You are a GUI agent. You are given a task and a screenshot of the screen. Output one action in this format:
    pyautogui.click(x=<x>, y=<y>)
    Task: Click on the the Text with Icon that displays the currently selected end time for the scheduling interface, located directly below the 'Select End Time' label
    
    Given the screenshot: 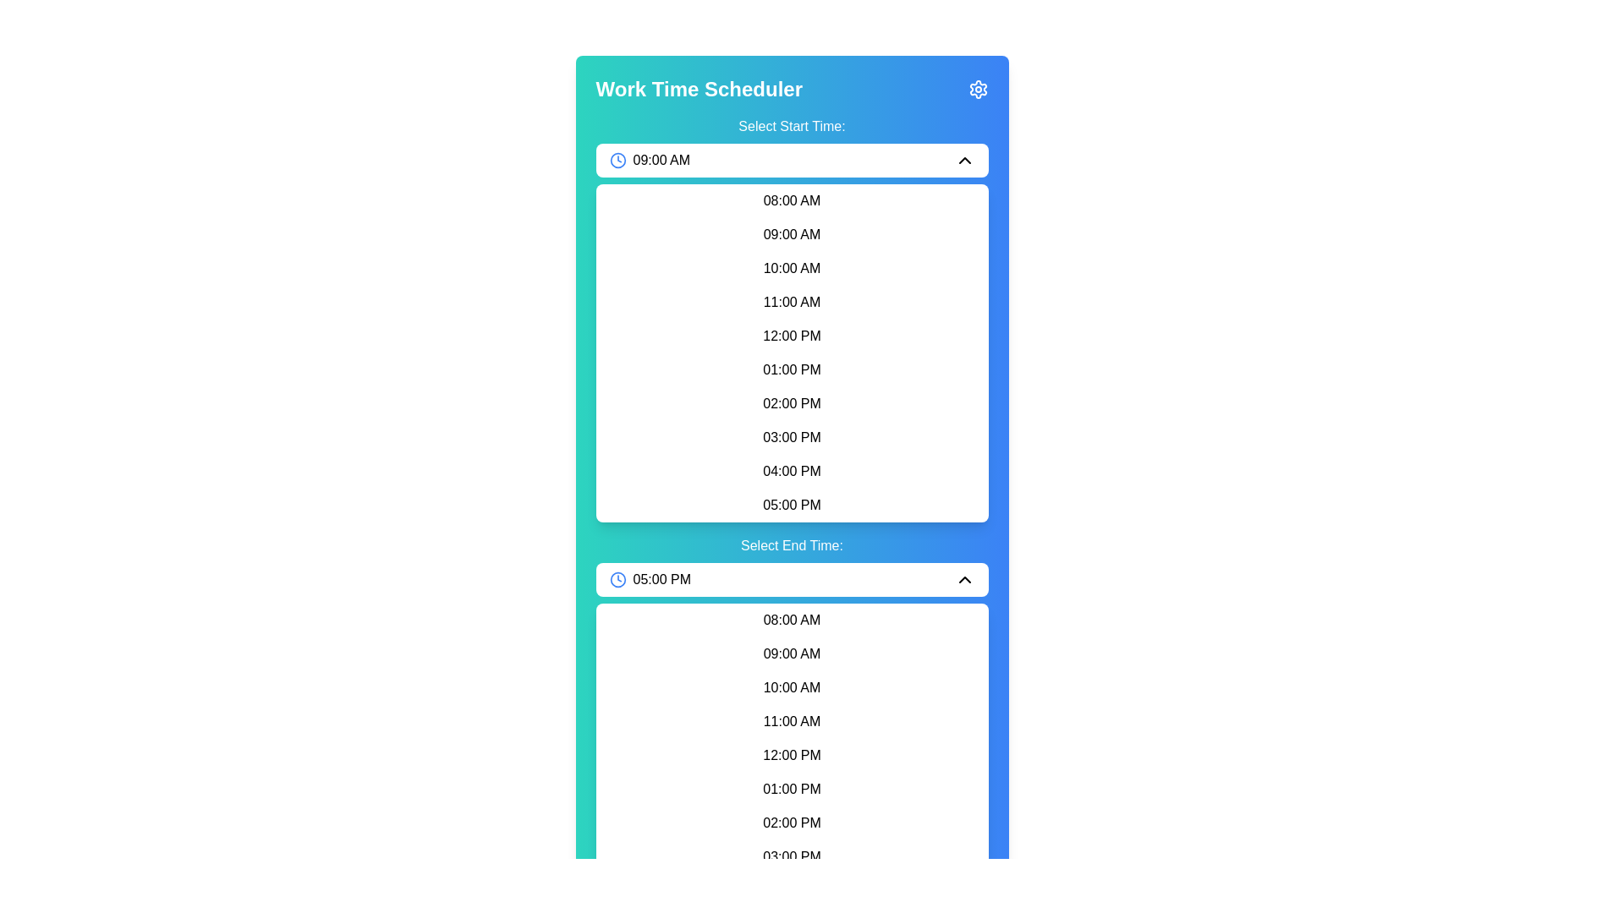 What is the action you would take?
    pyautogui.click(x=649, y=579)
    